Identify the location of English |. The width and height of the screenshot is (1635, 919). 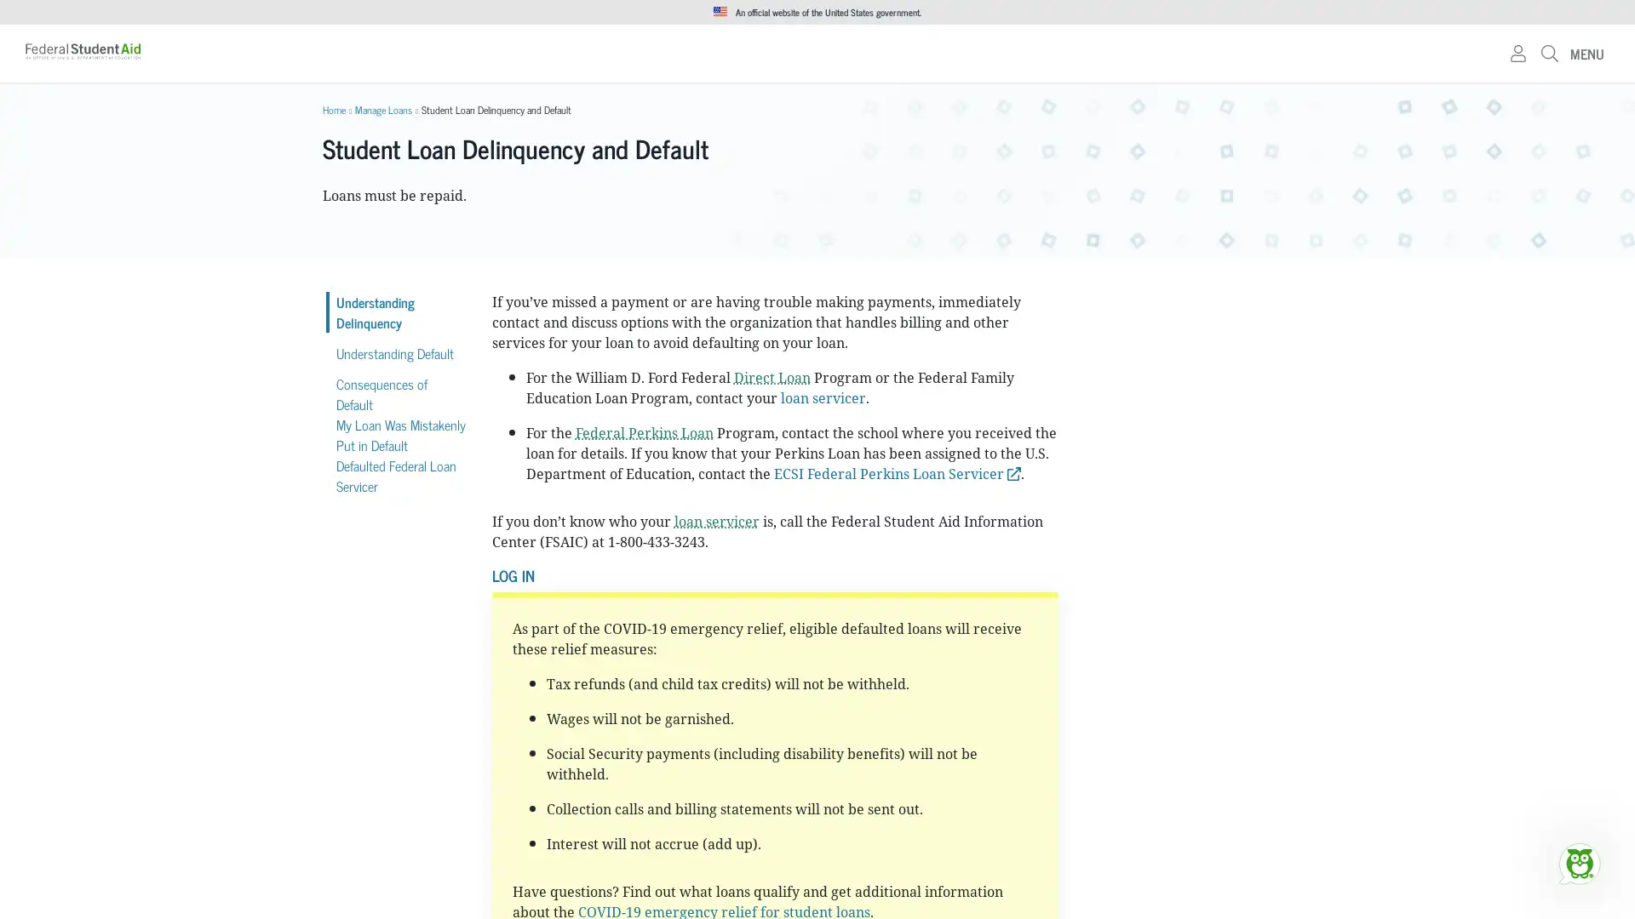
(1254, 13).